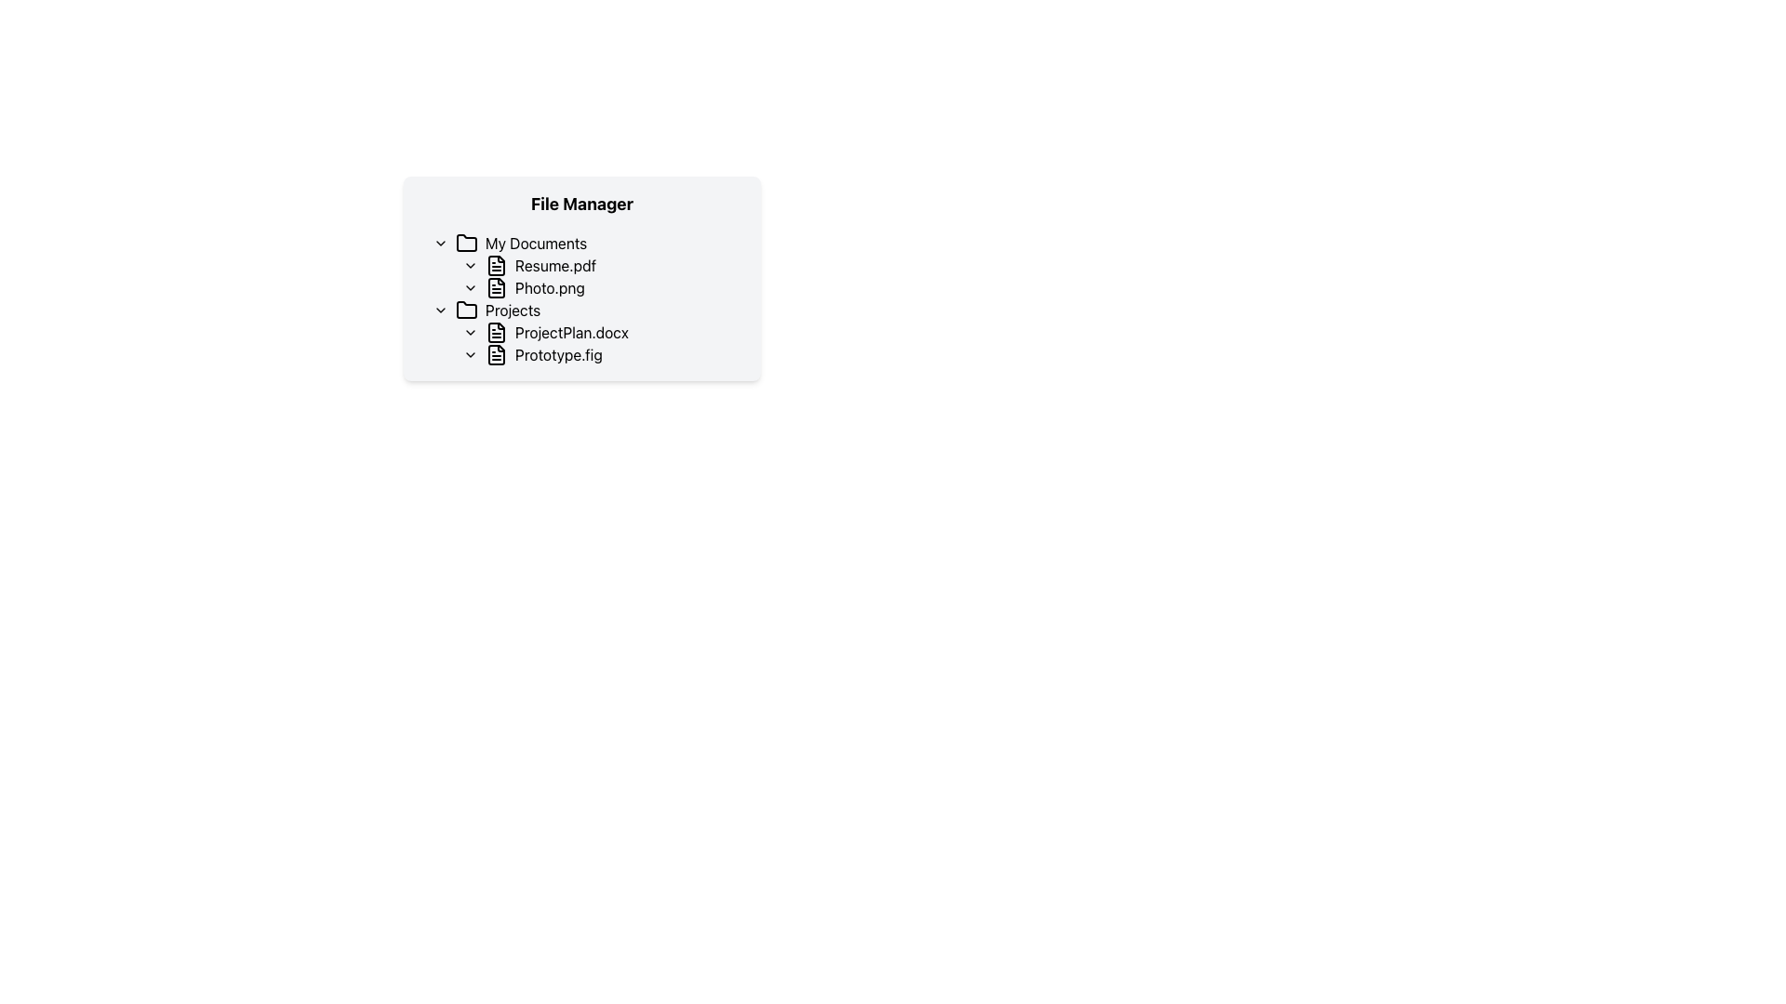 Image resolution: width=1786 pixels, height=1004 pixels. What do you see at coordinates (498, 310) in the screenshot?
I see `the 'Projects' folder label with icon located in the second folder entry of the file manager` at bounding box center [498, 310].